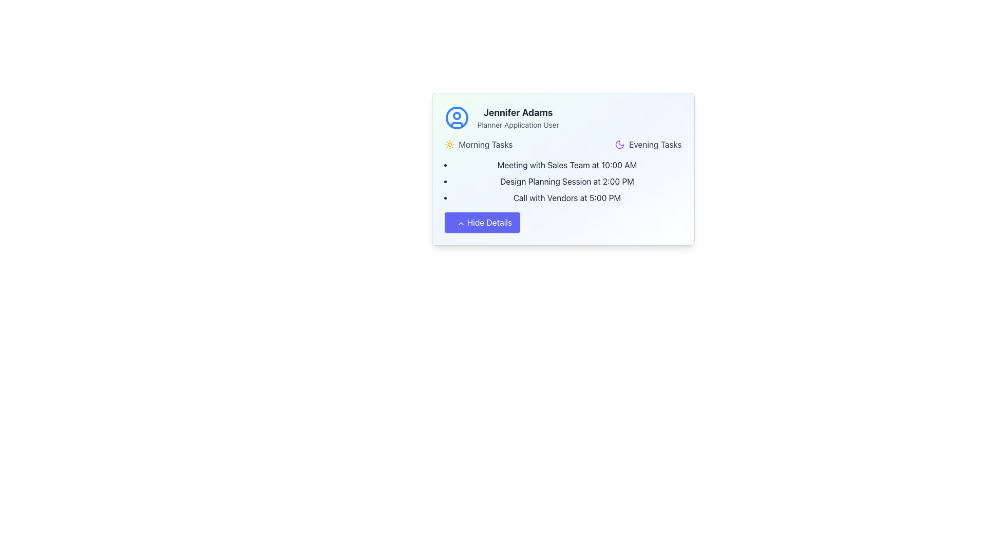  What do you see at coordinates (449, 144) in the screenshot?
I see `the decorative icon associated with the 'Morning Tasks' section, located to the immediate left of the text 'Morning Tasks'` at bounding box center [449, 144].